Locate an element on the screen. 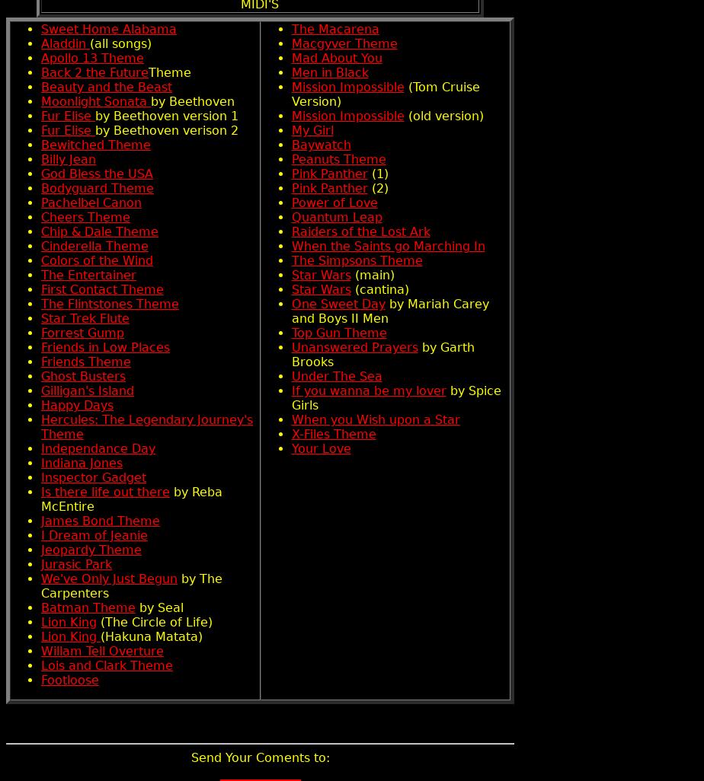  'by The Carpenters' is located at coordinates (131, 586).